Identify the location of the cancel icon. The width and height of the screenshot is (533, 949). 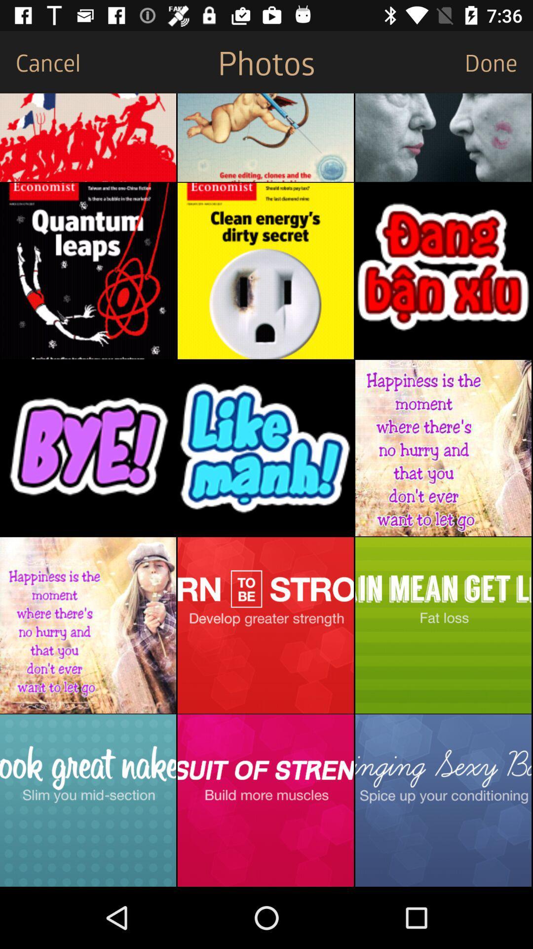
(39, 61).